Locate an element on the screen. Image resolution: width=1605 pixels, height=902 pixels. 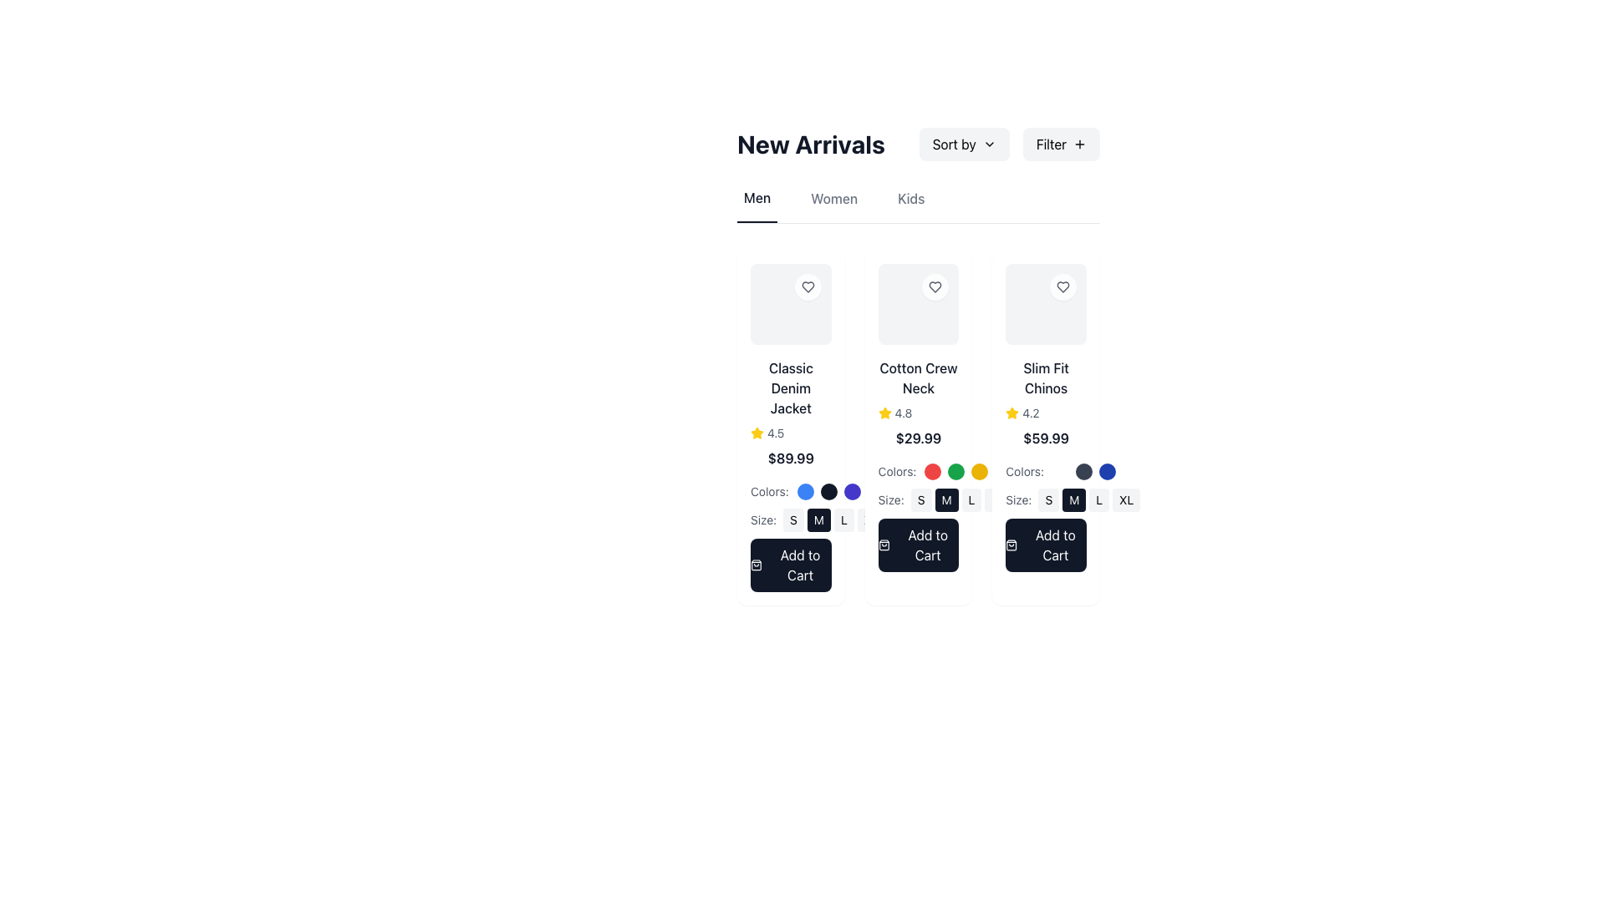
the interactive black color selector circle, which is the second option in the color selection group for the 'Classic Denim Jacket' product card is located at coordinates (828, 490).